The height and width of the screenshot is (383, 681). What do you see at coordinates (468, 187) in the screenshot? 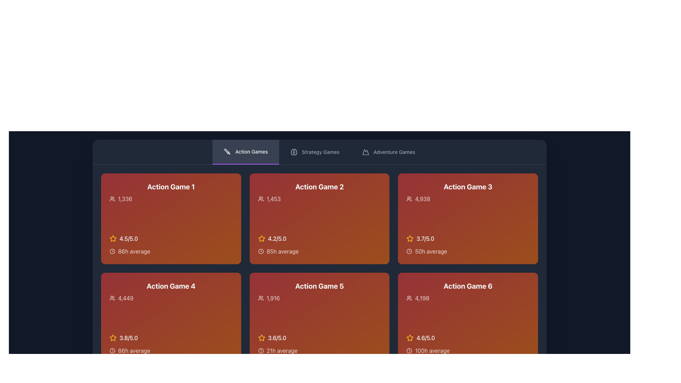
I see `text label that serves as the title for the game in the first row and third column of the grid layout under the 'Action Games' section` at bounding box center [468, 187].